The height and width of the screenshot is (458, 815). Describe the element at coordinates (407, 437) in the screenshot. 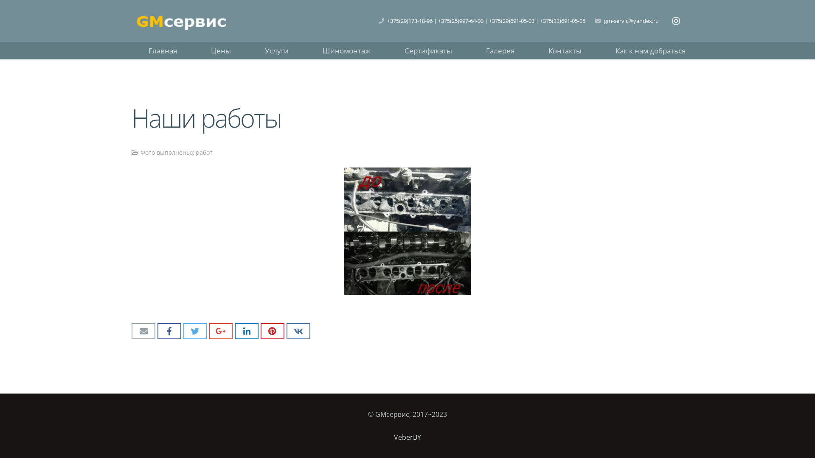

I see `'VeberBY'` at that location.